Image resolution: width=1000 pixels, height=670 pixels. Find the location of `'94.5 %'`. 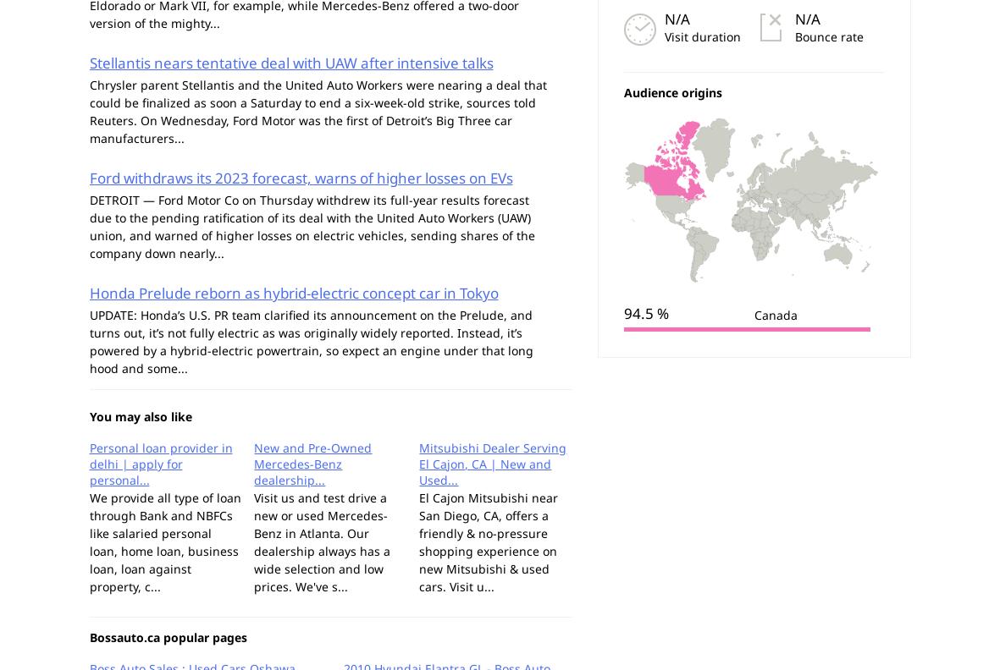

'94.5 %' is located at coordinates (644, 313).